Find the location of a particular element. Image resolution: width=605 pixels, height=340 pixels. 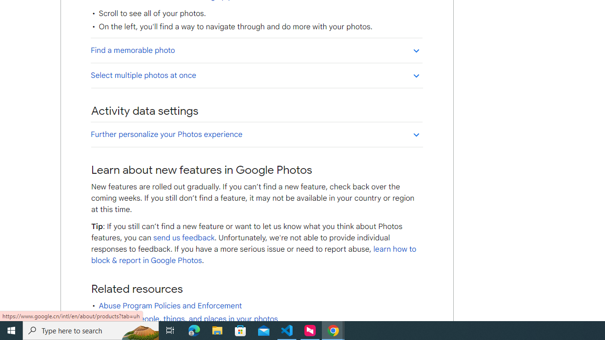

'Find a memorable photo' is located at coordinates (256, 50).